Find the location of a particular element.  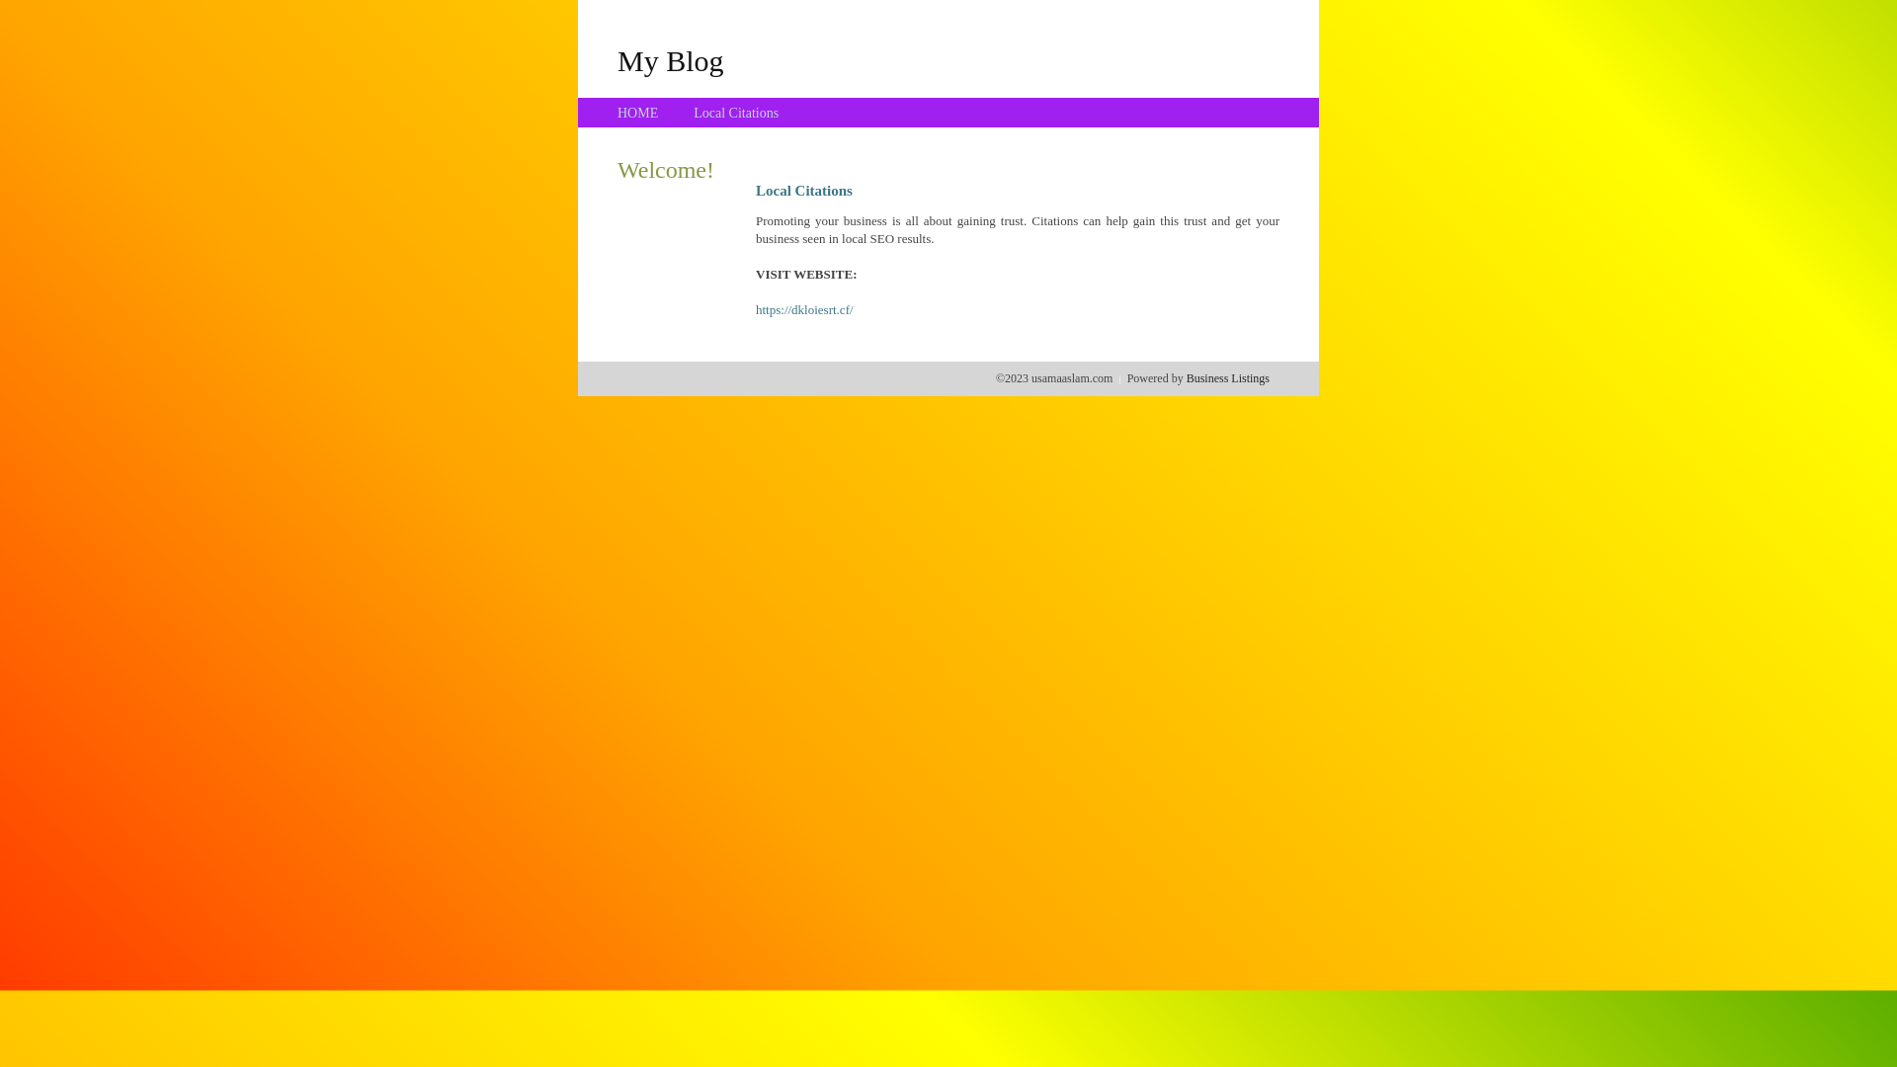

'HOME' is located at coordinates (637, 113).